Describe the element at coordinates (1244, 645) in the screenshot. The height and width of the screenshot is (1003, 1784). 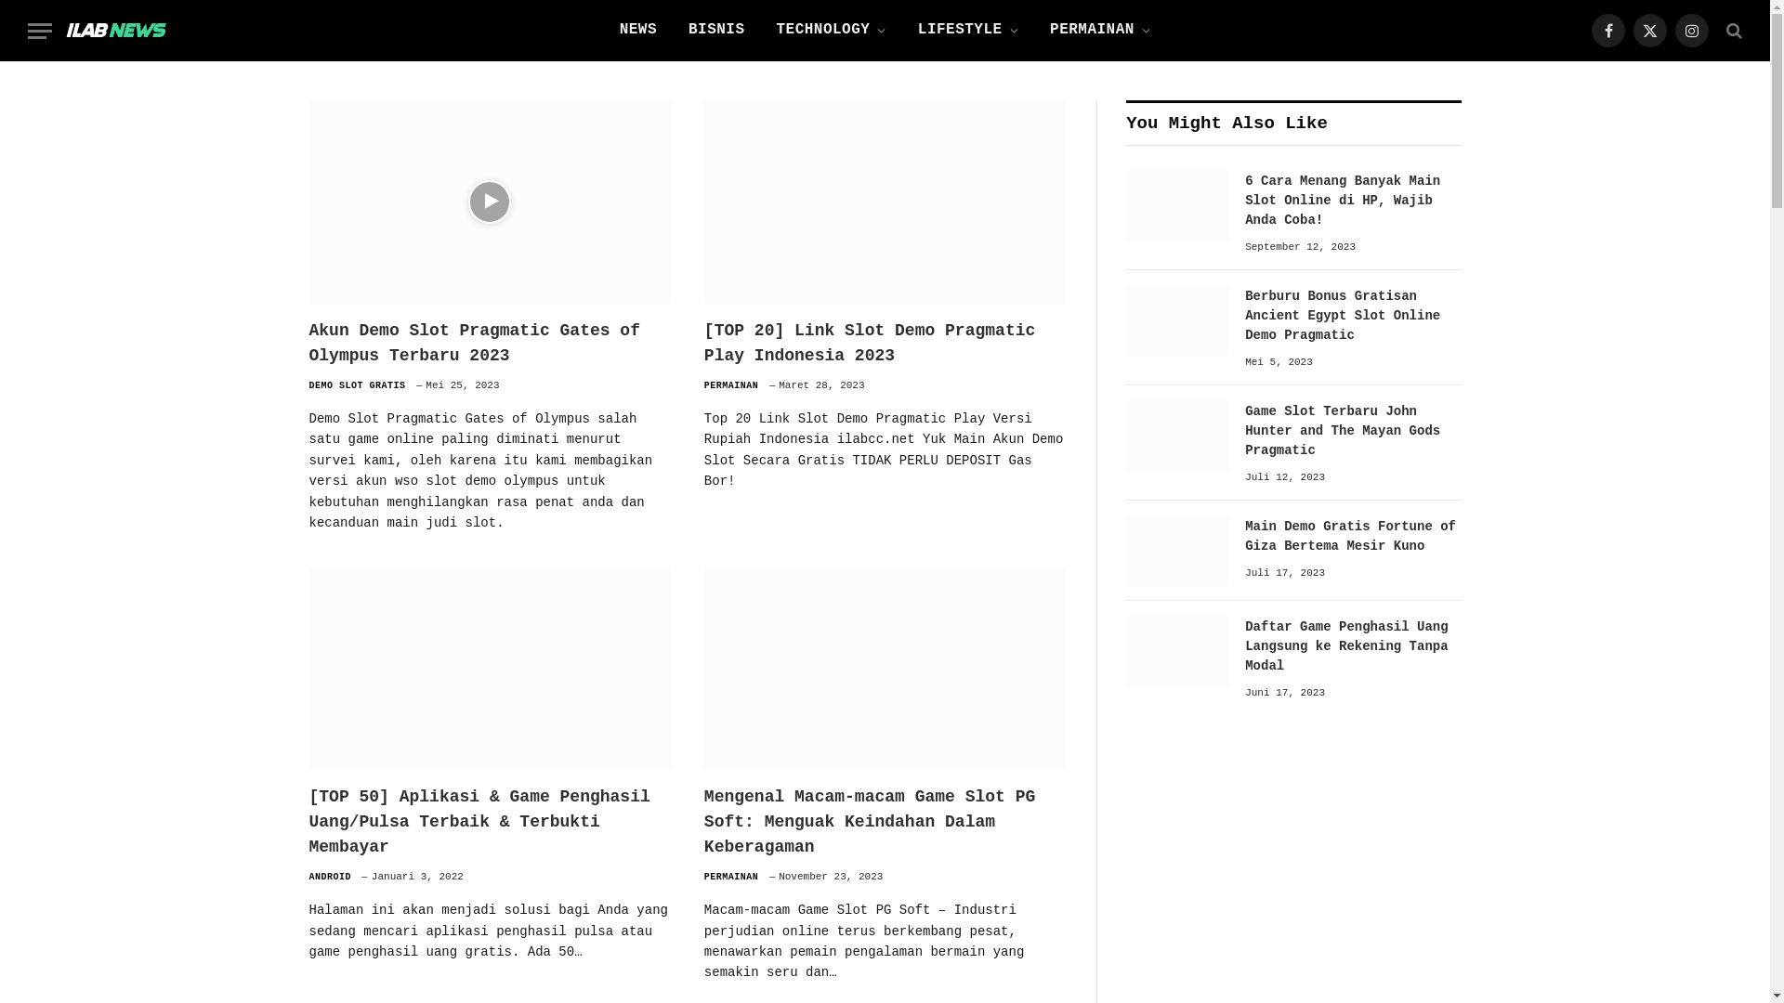
I see `'Daftar Game Penghasil Uang Langsung ke Rekening Tanpa Modal'` at that location.